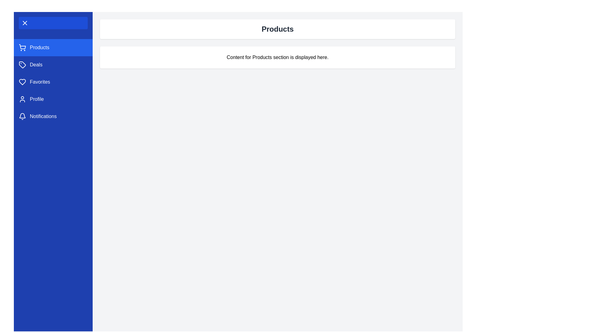  I want to click on the 'Deals' button located in the vertical navigation menu, which is the second option below the 'Products' button, so click(53, 65).